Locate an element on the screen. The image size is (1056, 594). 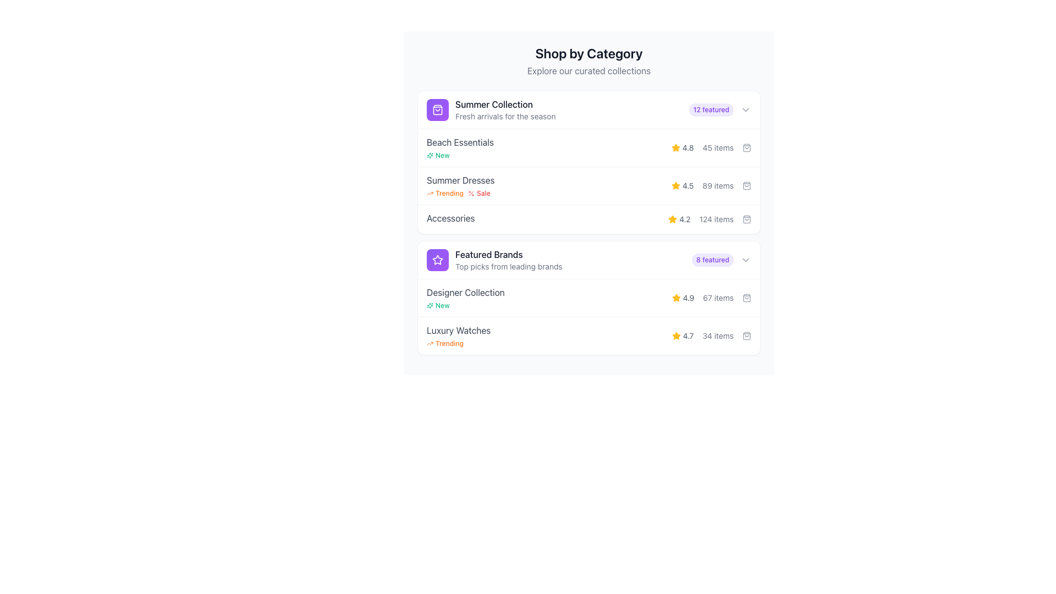
the decorative shopping icon located near the 'Designer Collection' entry in the 'Featured Brands' section is located at coordinates (747, 298).